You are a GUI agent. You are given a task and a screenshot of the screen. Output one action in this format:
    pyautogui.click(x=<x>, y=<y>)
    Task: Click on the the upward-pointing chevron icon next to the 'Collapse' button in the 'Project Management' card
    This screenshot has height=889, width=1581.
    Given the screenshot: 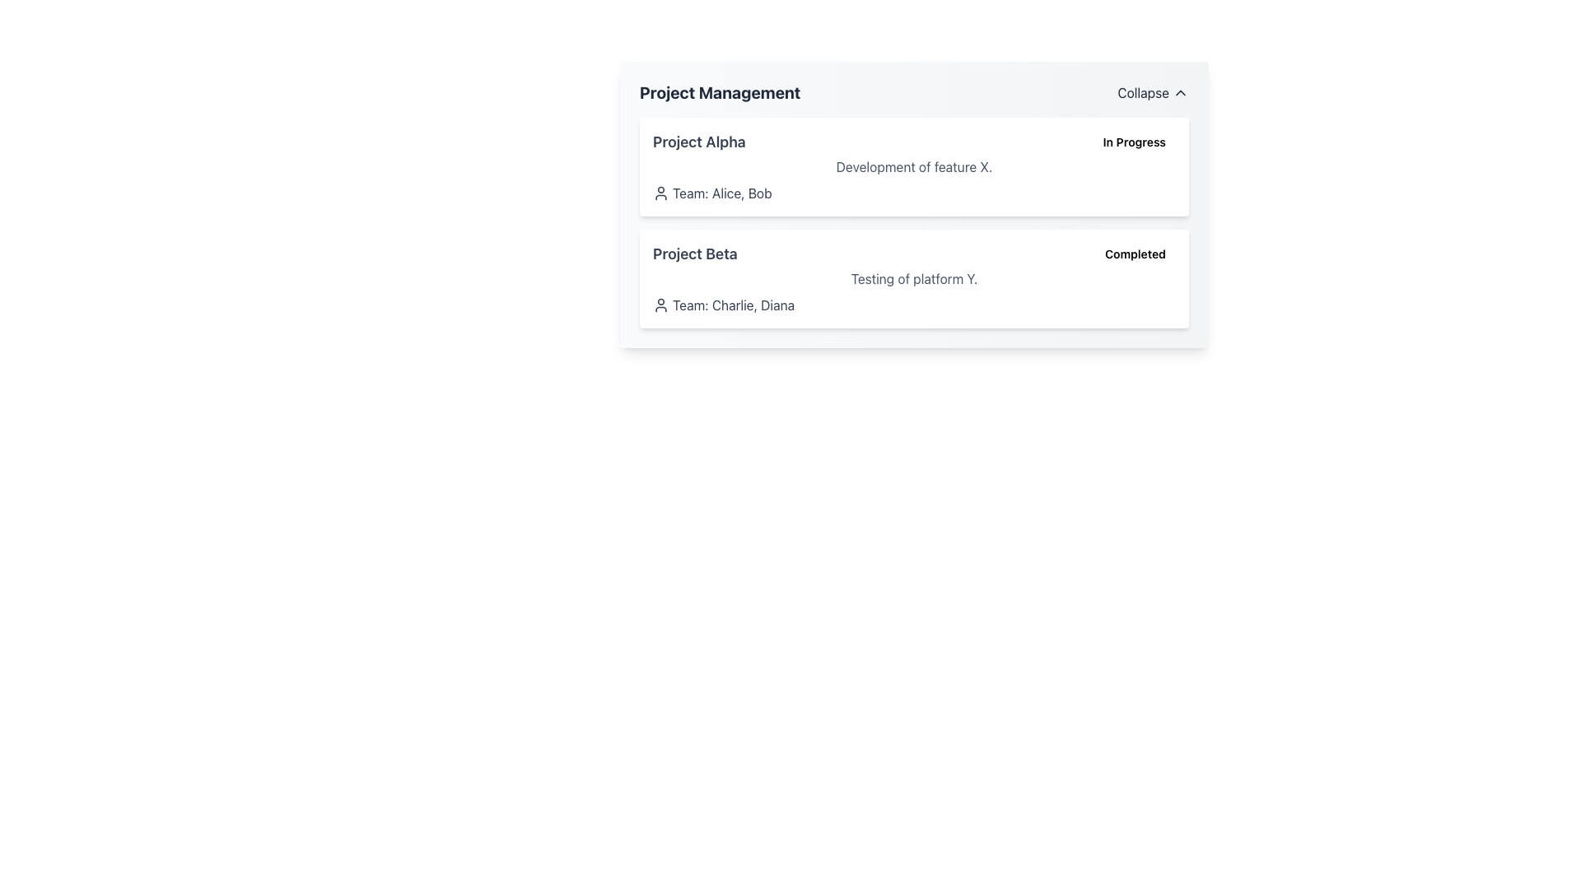 What is the action you would take?
    pyautogui.click(x=1180, y=92)
    